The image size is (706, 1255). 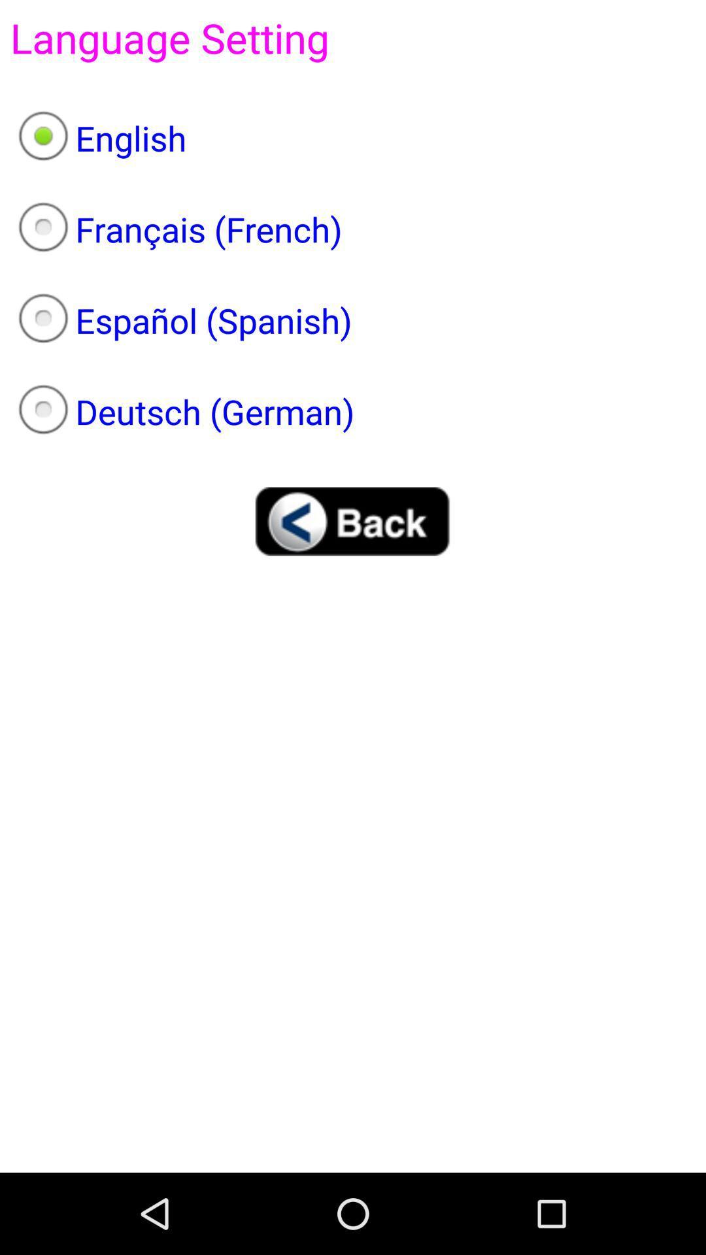 I want to click on item below the deutsch (german) item, so click(x=353, y=520).